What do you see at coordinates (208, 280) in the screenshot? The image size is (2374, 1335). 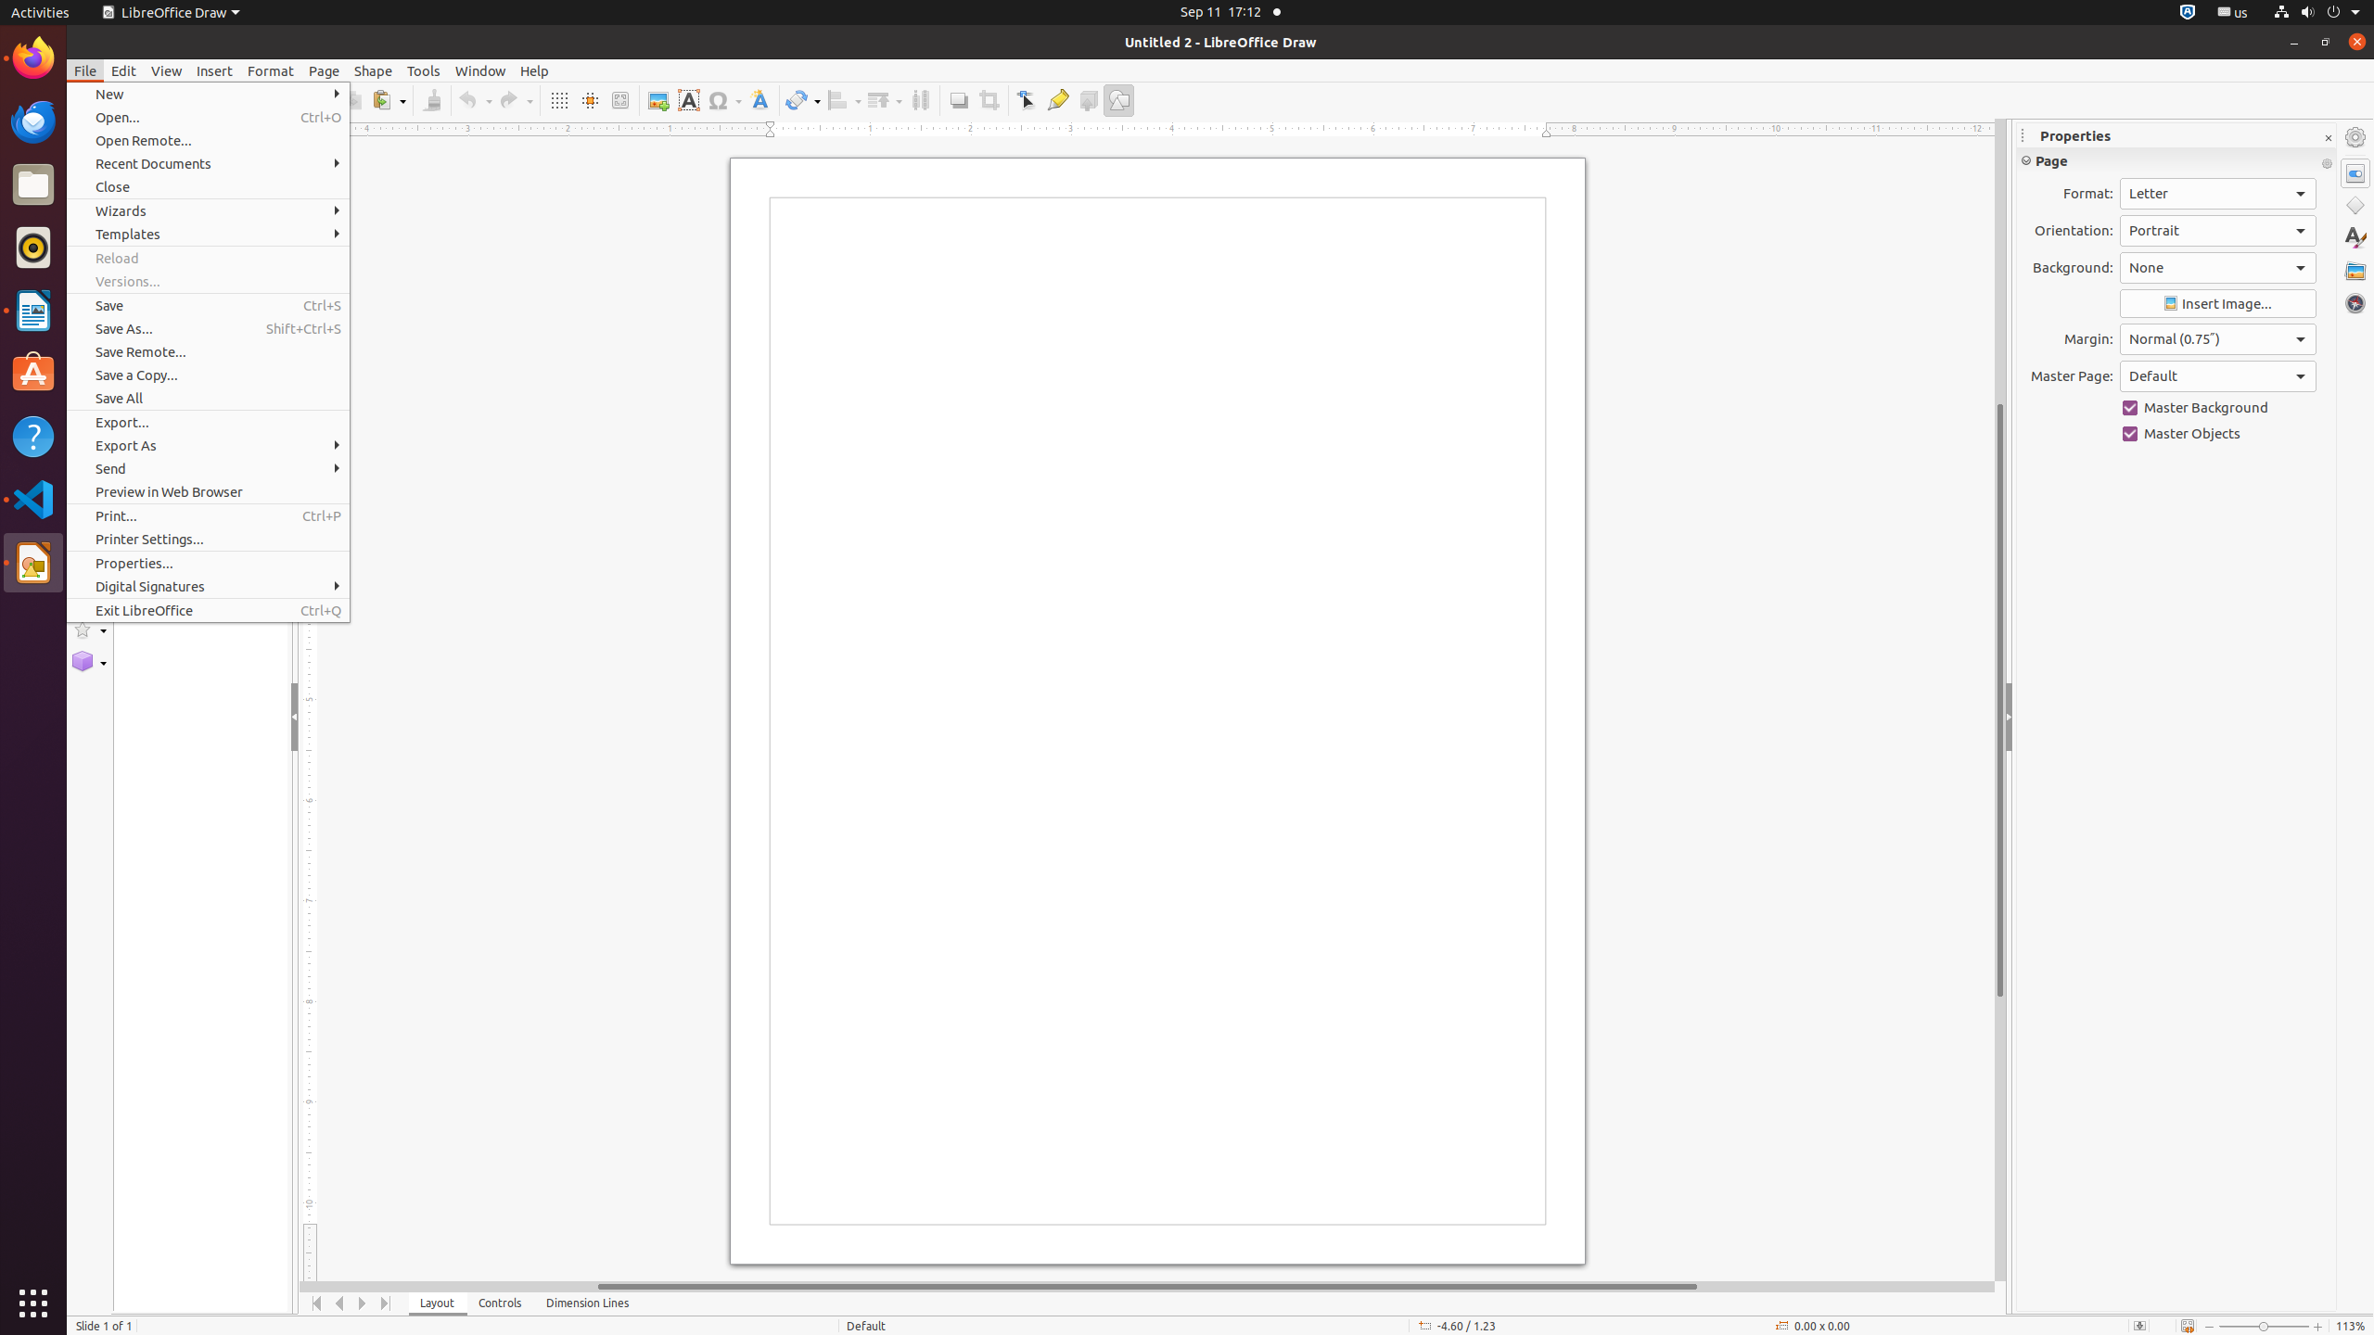 I see `'Versions...'` at bounding box center [208, 280].